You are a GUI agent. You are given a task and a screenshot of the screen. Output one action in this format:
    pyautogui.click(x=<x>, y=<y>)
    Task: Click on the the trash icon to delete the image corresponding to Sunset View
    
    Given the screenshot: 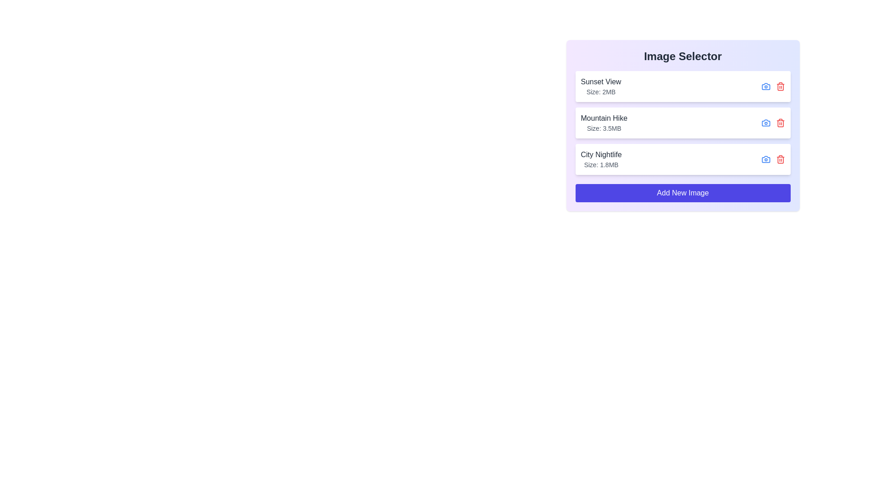 What is the action you would take?
    pyautogui.click(x=780, y=86)
    